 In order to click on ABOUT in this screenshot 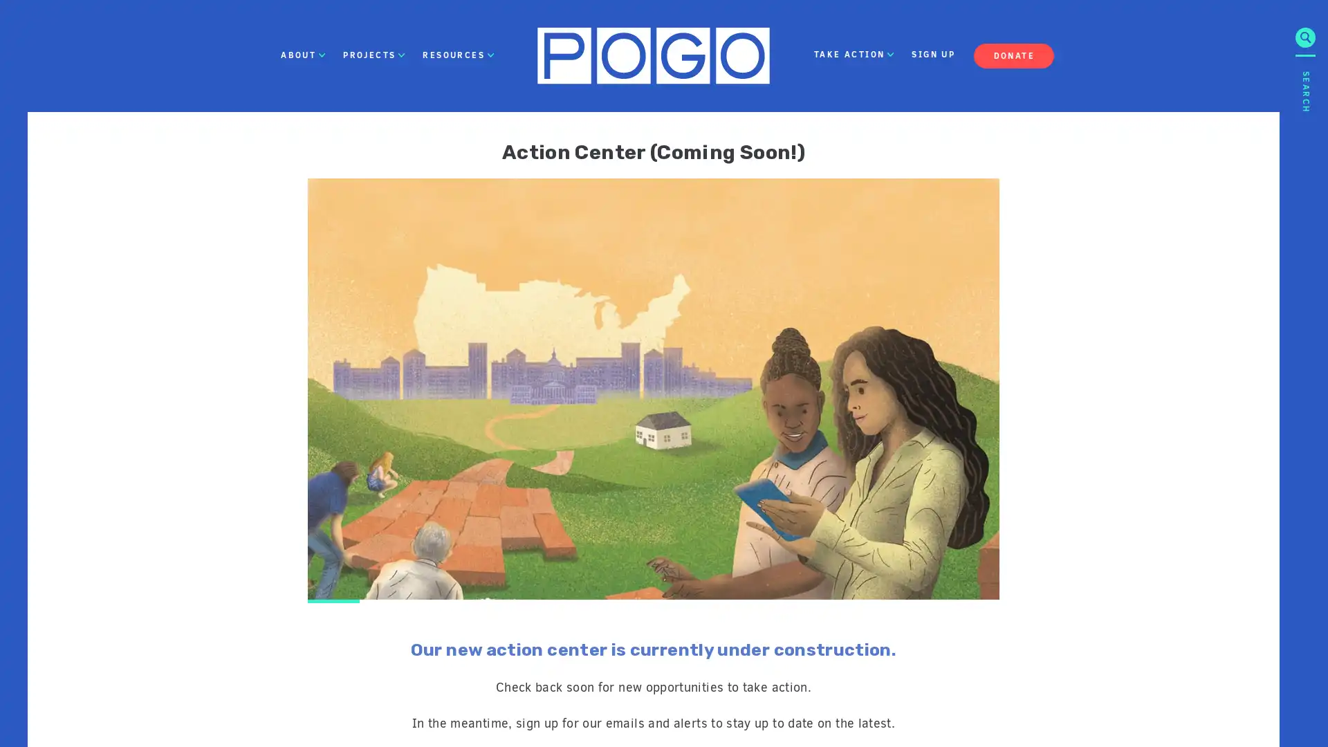, I will do `click(302, 55)`.